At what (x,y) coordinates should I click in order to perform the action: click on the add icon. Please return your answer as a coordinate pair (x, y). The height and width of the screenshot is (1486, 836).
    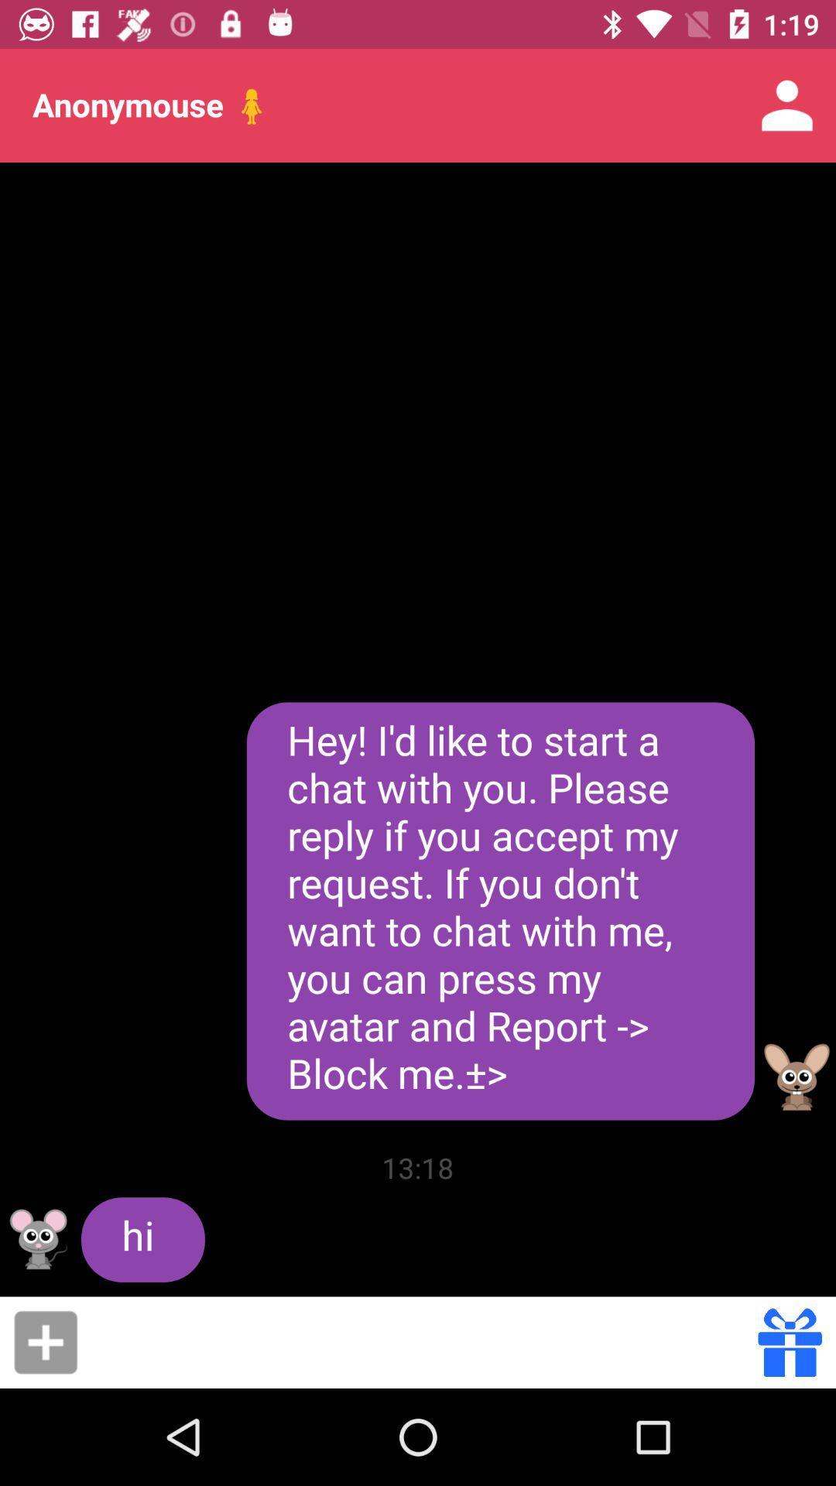
    Looking at the image, I should click on (45, 1341).